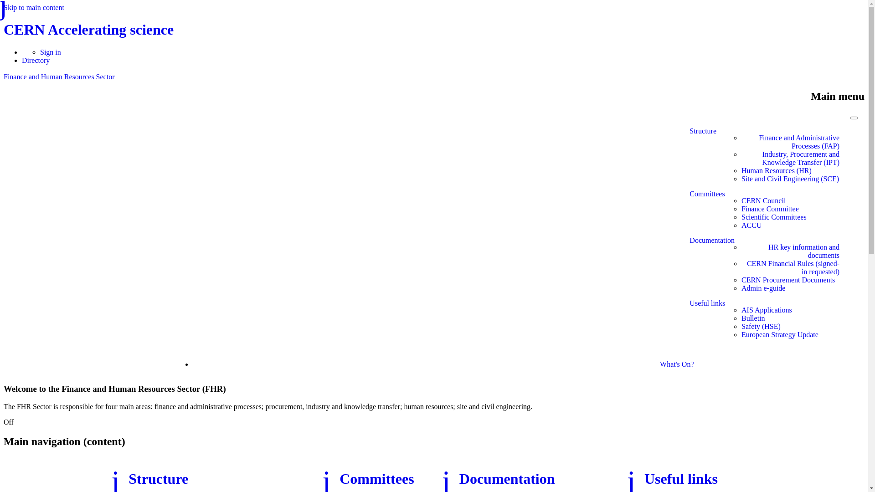  I want to click on 'Scientific Committees', so click(773, 217).